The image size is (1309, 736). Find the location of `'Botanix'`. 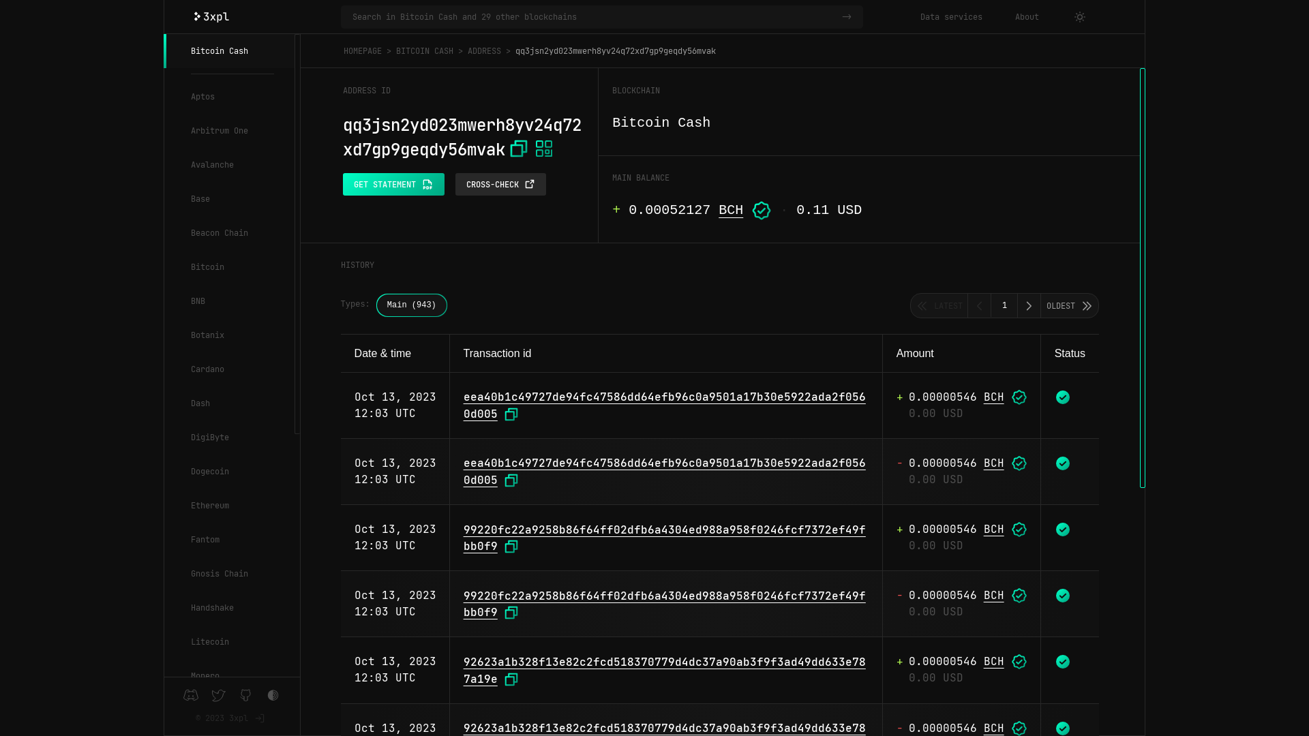

'Botanix' is located at coordinates (164, 335).